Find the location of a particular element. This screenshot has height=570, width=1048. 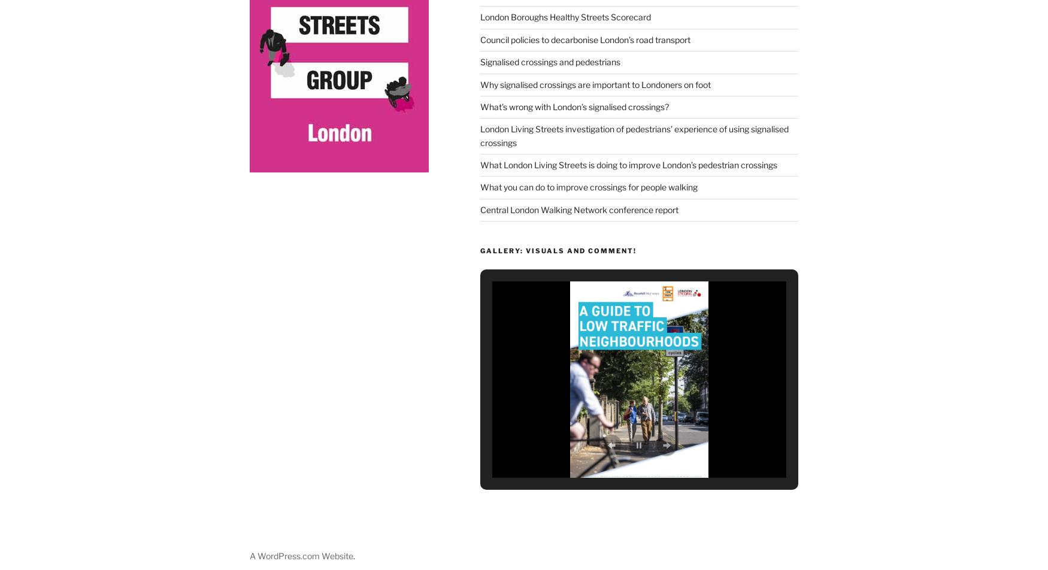

'London Living Streets investigation of pedestrians’ experience of using signalised crossings' is located at coordinates (633, 132).